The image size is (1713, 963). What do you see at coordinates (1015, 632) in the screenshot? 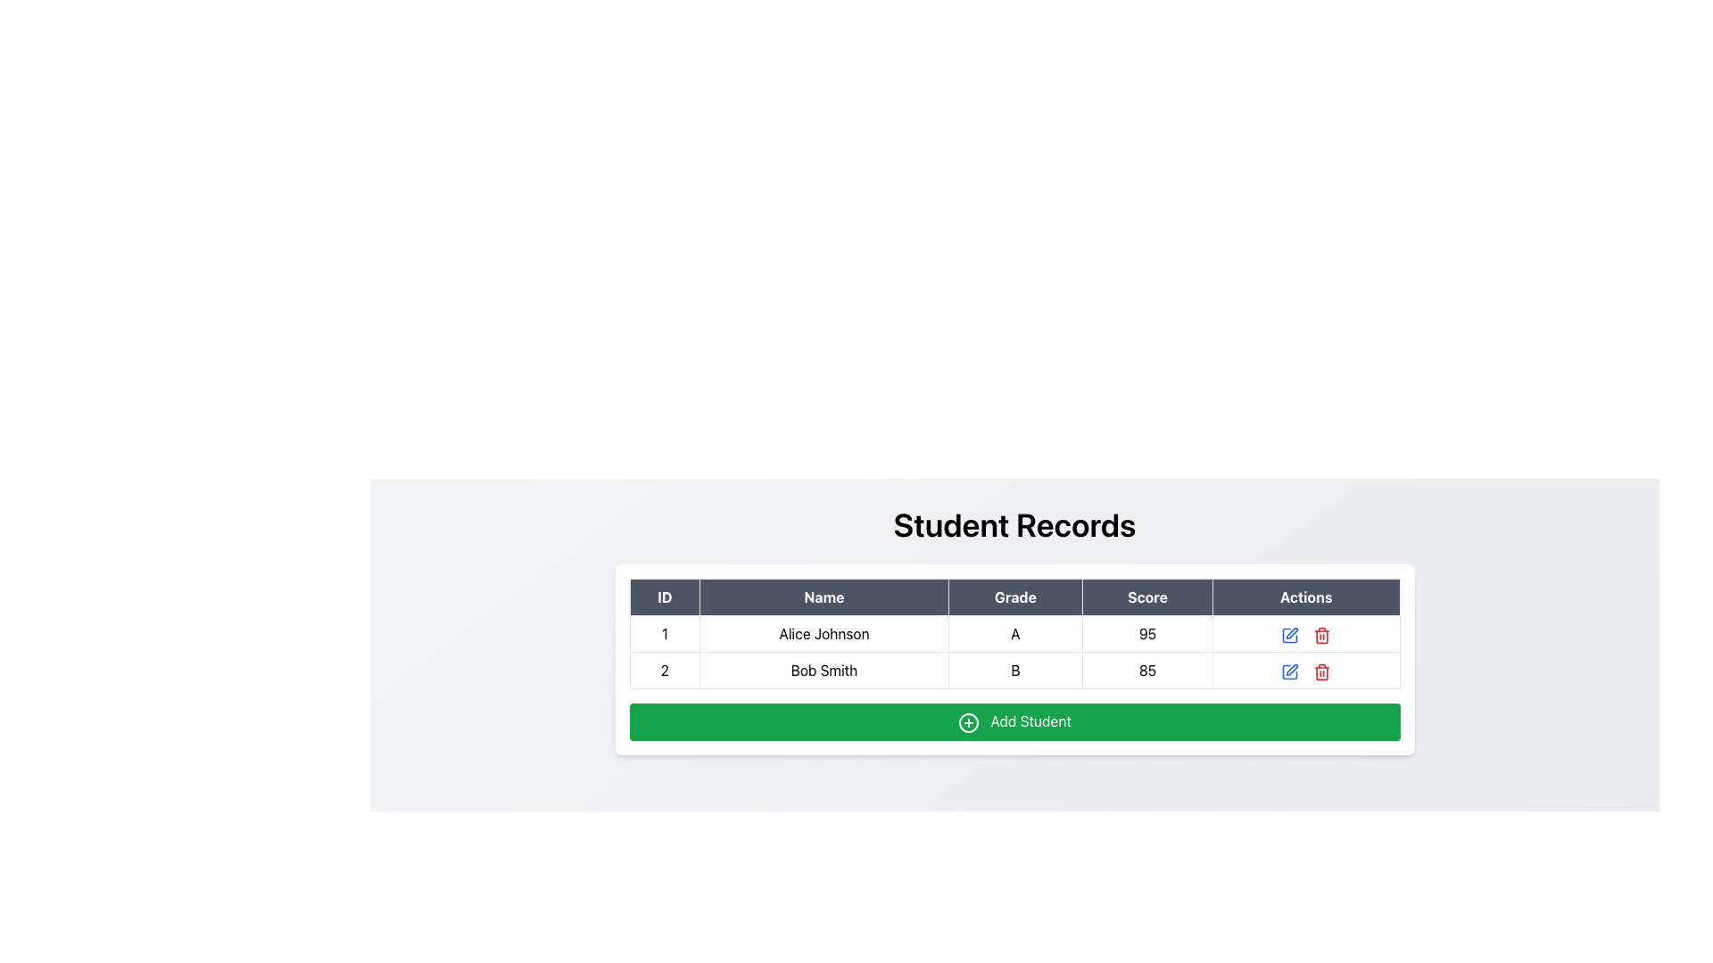
I see `the Text Display showing the grade of student Alice Johnson, which is located in the 'Grade' column of the first row in the student record table` at bounding box center [1015, 632].